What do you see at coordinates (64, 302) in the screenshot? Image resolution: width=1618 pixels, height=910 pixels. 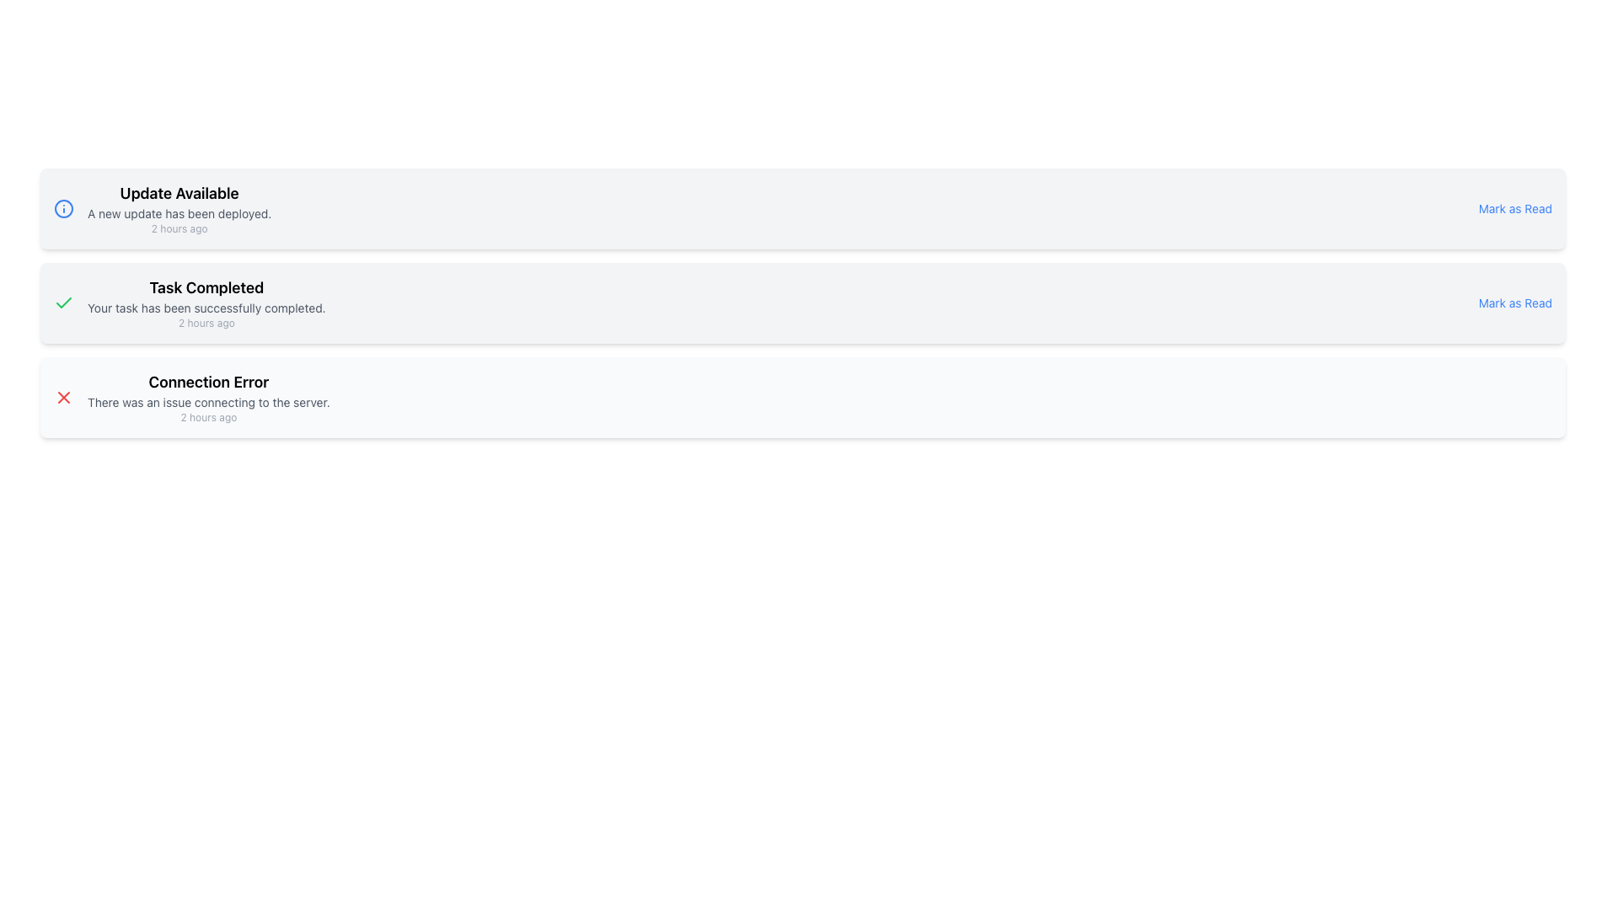 I see `the icon indicating successful task completion, located at the leftmost part of the 'Task Completed' notification panel` at bounding box center [64, 302].